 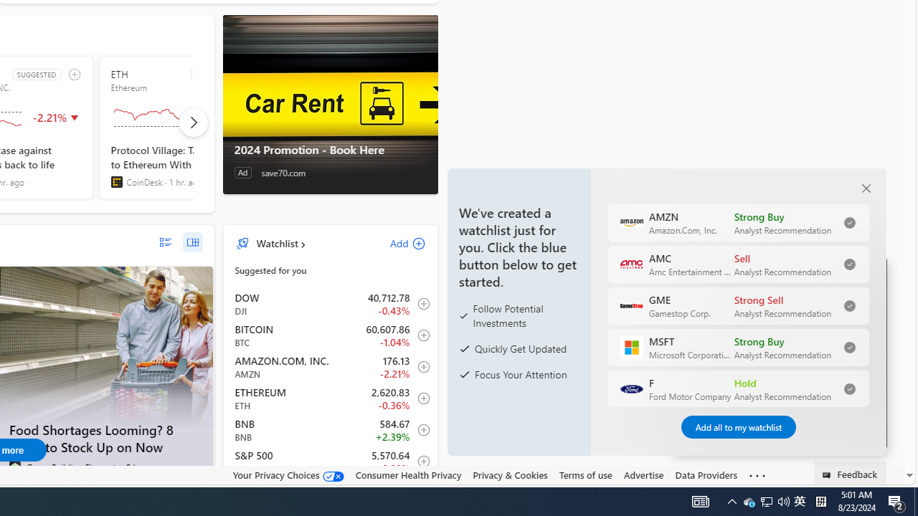 I want to click on 'Ad', so click(x=242, y=172).